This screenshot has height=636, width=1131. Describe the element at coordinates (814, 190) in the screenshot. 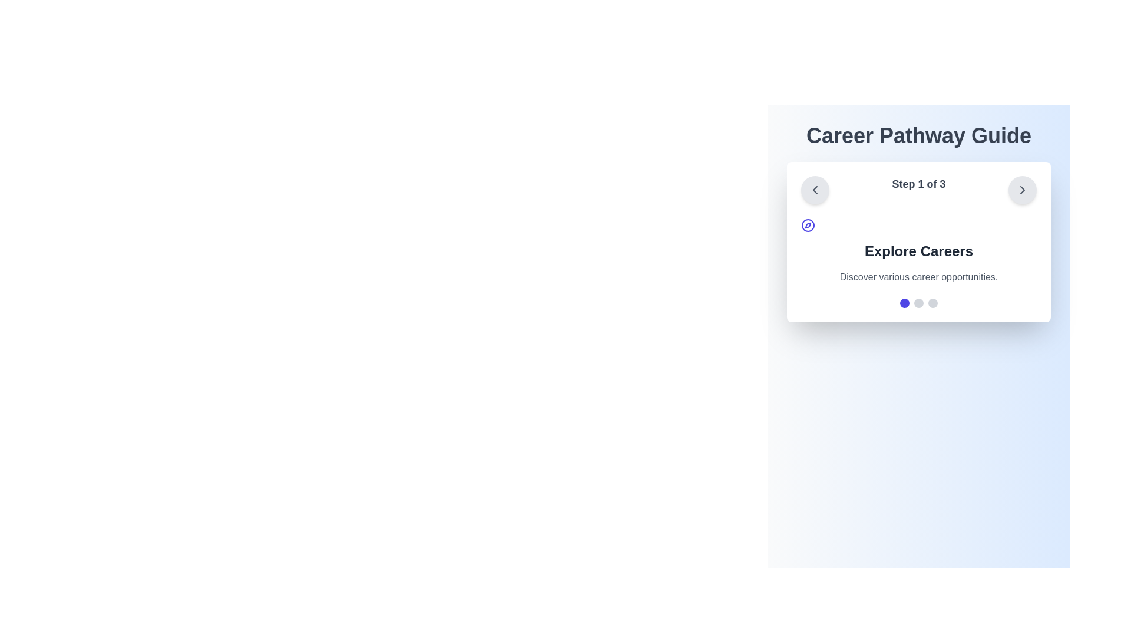

I see `the leftward navigation button with an integrated icon` at that location.